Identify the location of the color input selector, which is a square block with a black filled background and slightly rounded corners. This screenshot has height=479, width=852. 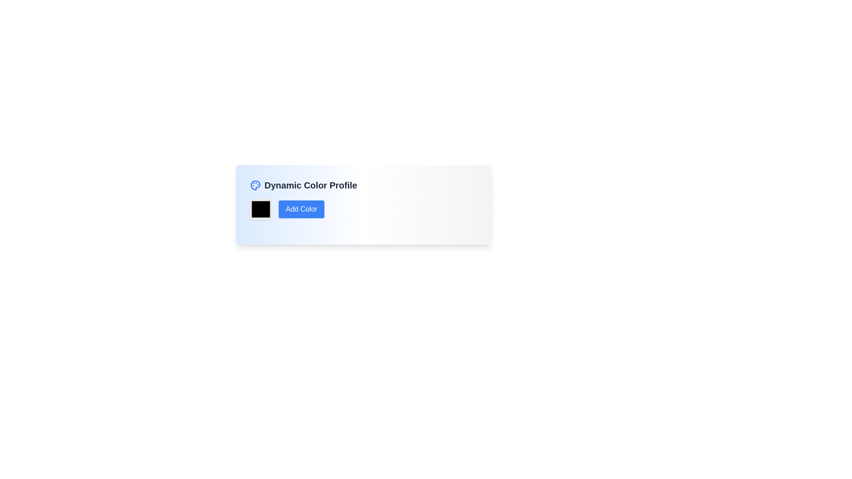
(260, 209).